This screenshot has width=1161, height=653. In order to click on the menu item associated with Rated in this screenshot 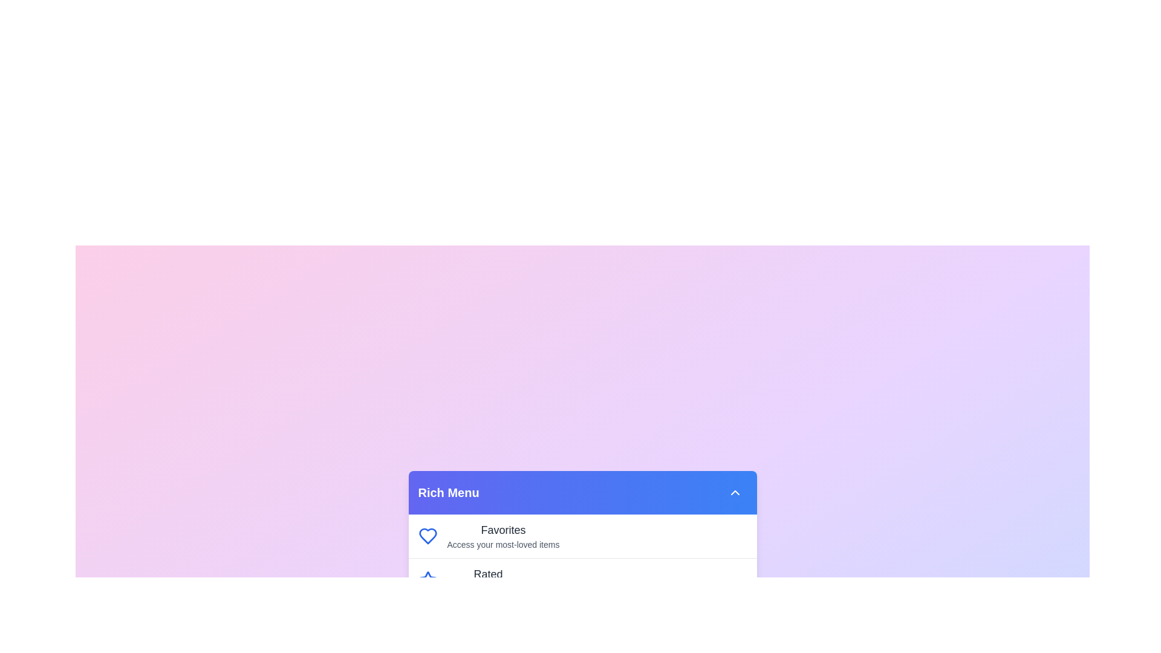, I will do `click(428, 580)`.